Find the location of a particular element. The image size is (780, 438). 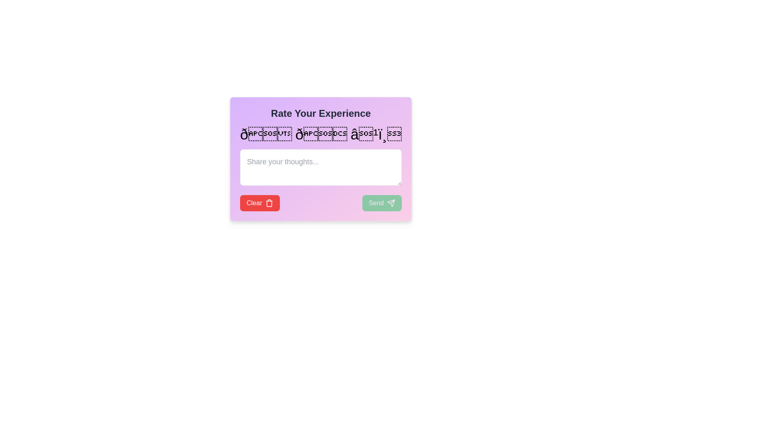

the trash icon, which has a minimalist design with a rectangular body and lid, located to the right of the 'Clear' text within a rounded rectangular red button is located at coordinates (269, 203).